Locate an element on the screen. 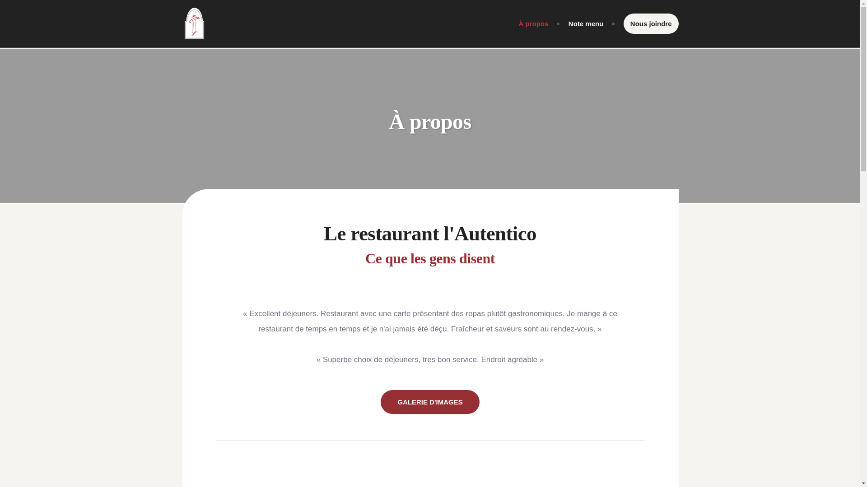  'GALERIE D'IMAGES' is located at coordinates (429, 401).